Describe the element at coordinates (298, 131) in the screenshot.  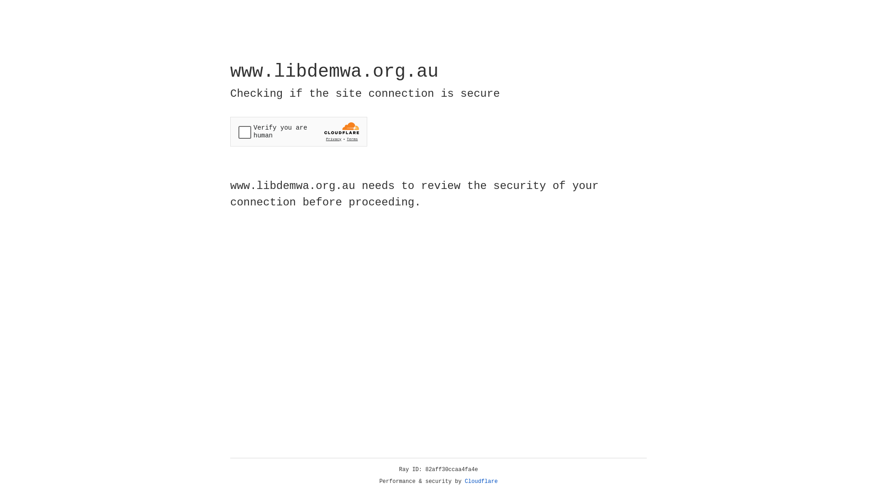
I see `'Widget containing a Cloudflare security challenge'` at that location.